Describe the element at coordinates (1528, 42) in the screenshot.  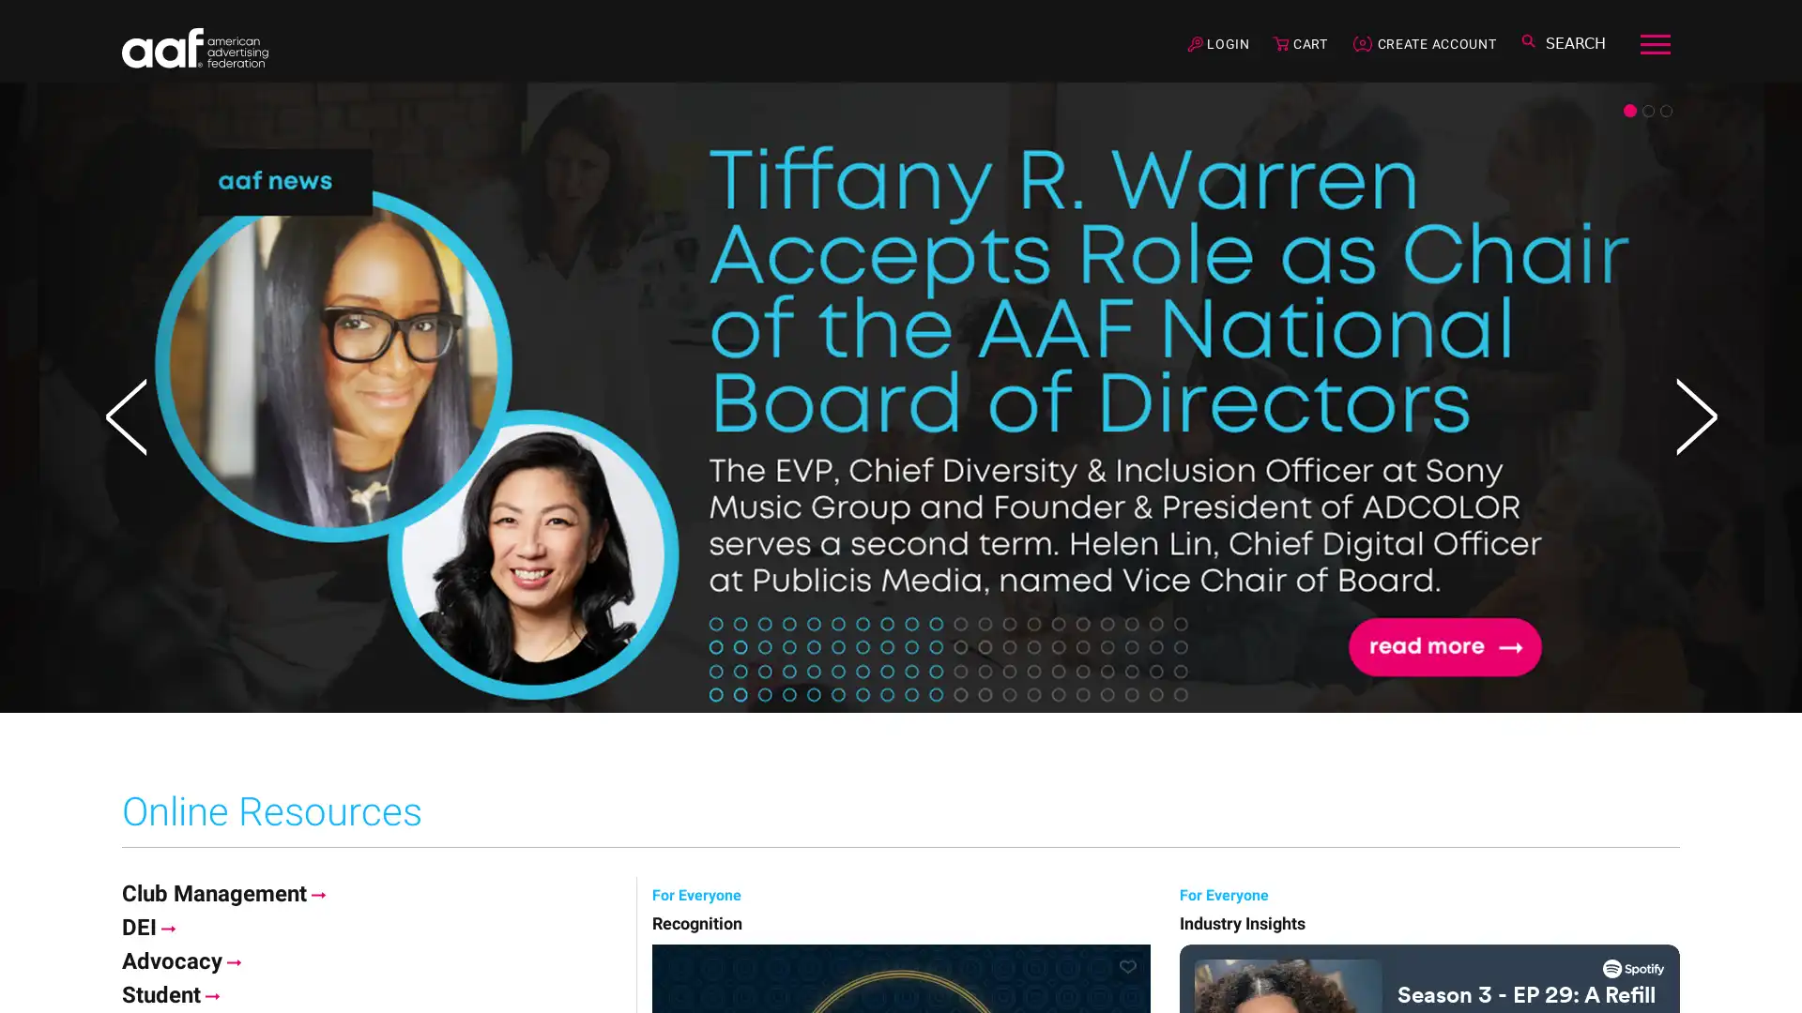
I see `Toggle search` at that location.